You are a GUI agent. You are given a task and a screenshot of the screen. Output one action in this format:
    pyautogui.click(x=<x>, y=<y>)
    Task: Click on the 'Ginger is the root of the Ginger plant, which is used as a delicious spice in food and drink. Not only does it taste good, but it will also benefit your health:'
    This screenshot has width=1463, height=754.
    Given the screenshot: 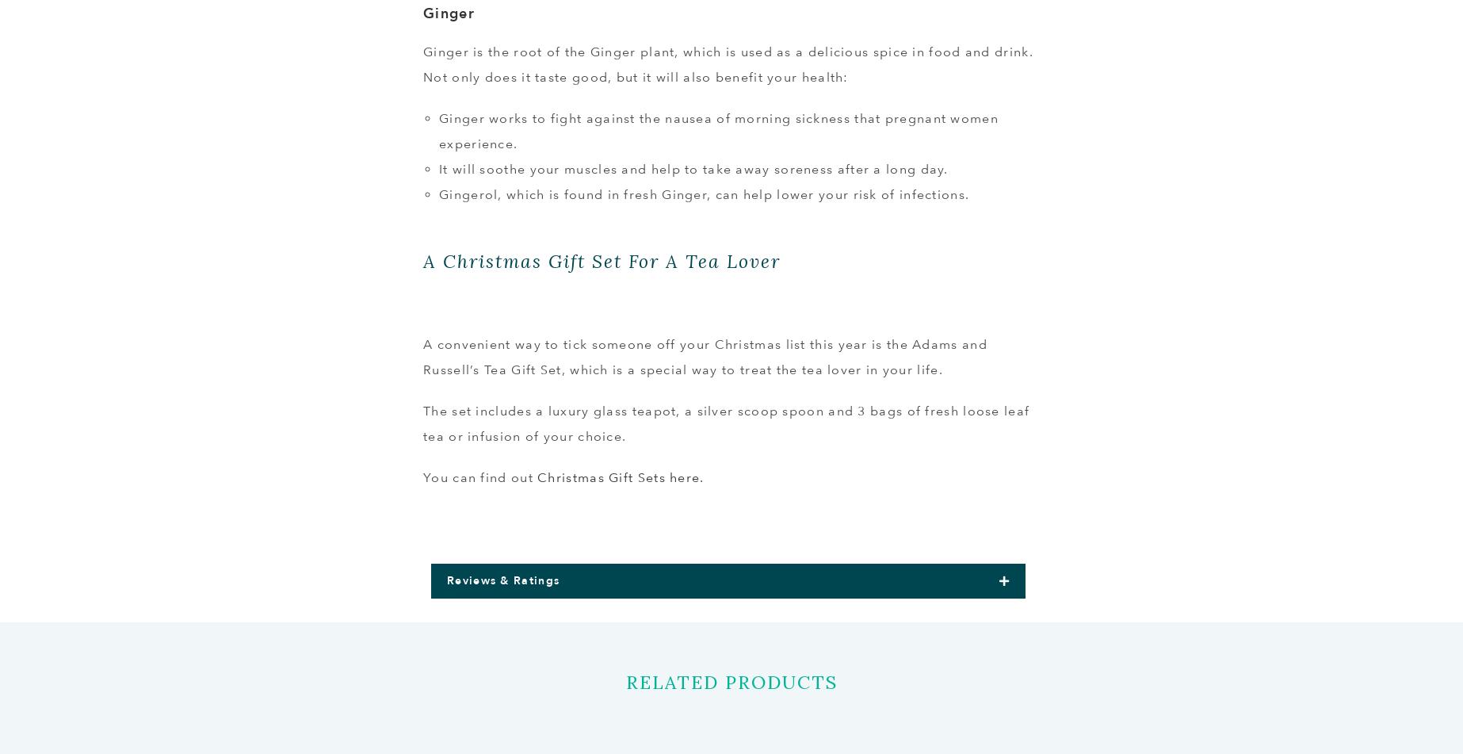 What is the action you would take?
    pyautogui.click(x=727, y=64)
    